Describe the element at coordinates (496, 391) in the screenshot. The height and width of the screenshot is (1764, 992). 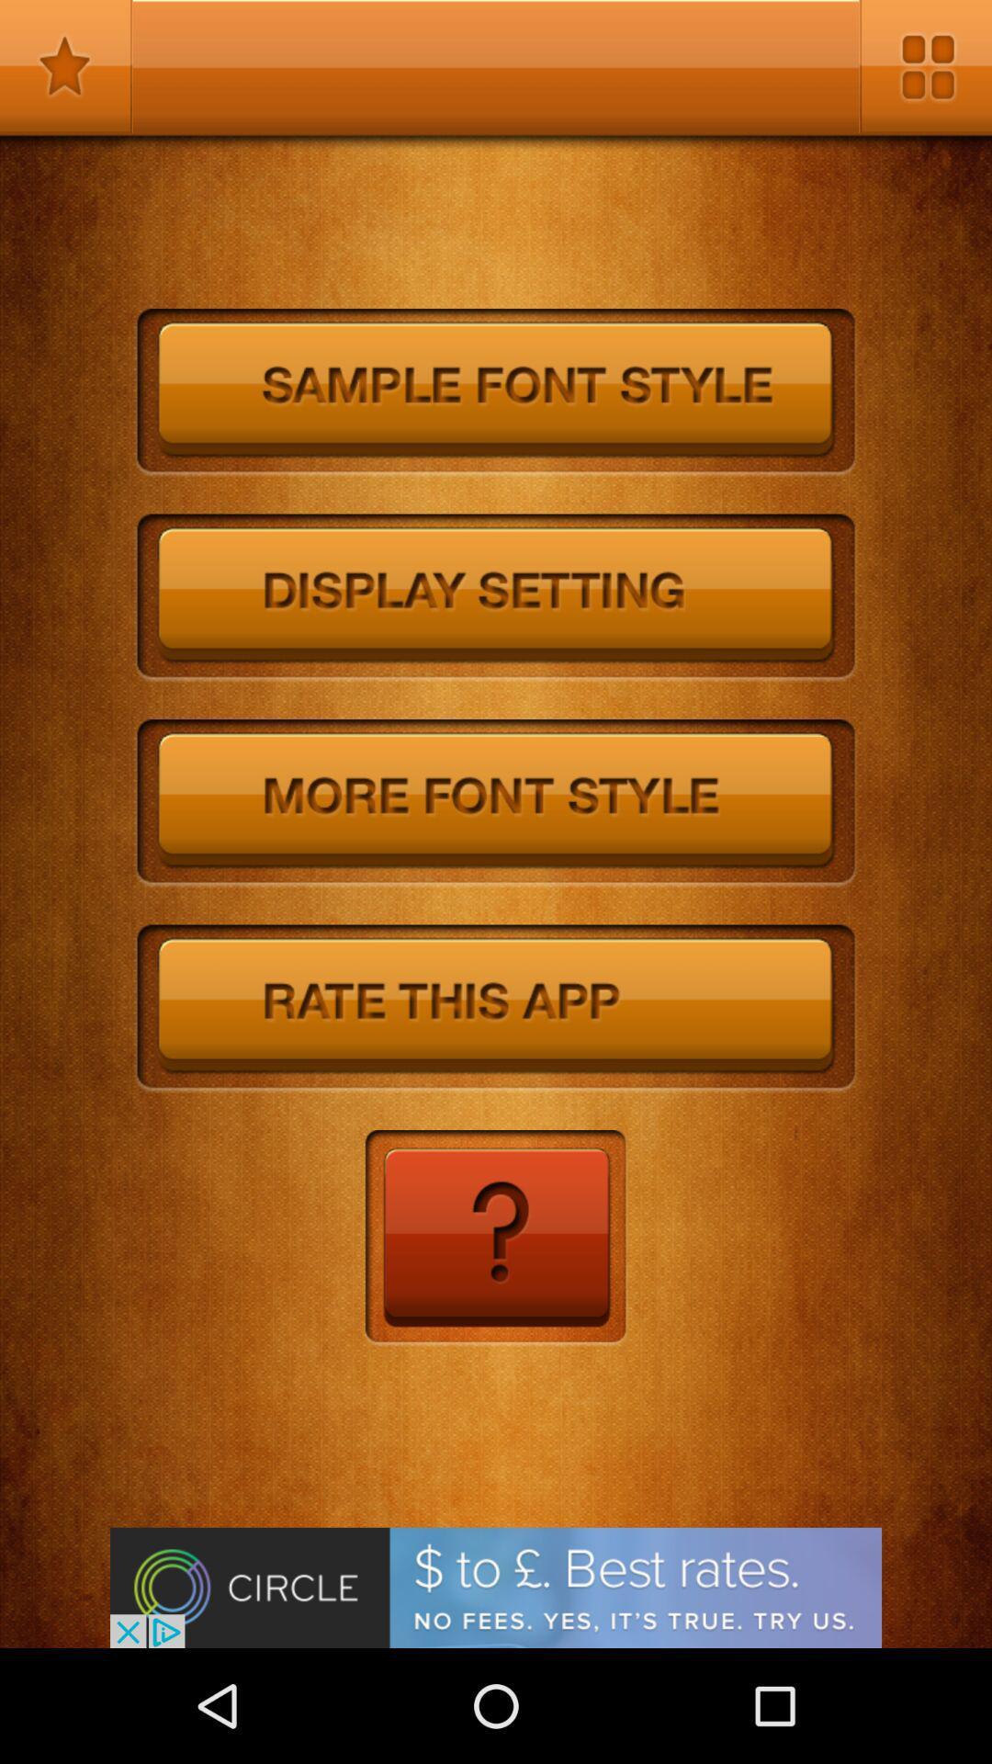
I see `sample font style button` at that location.